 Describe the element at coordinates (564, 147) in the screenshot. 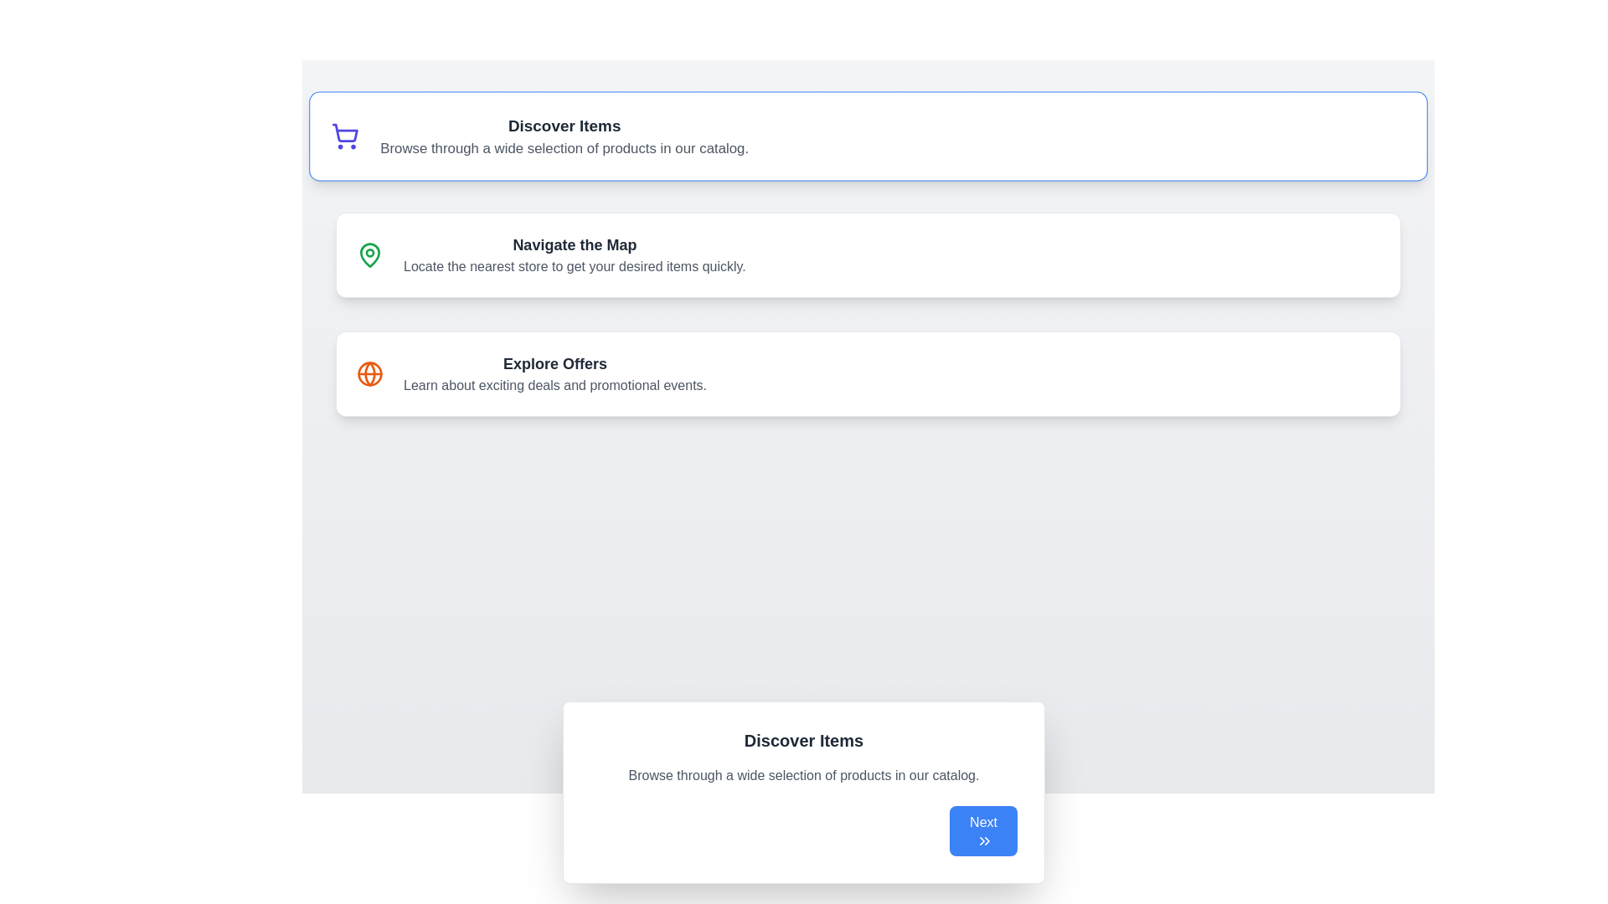

I see `the explanatory text located directly under the 'Discover Items' heading in the top card section of the page` at that location.